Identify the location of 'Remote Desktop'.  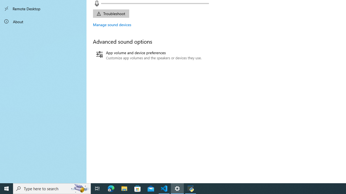
(43, 9).